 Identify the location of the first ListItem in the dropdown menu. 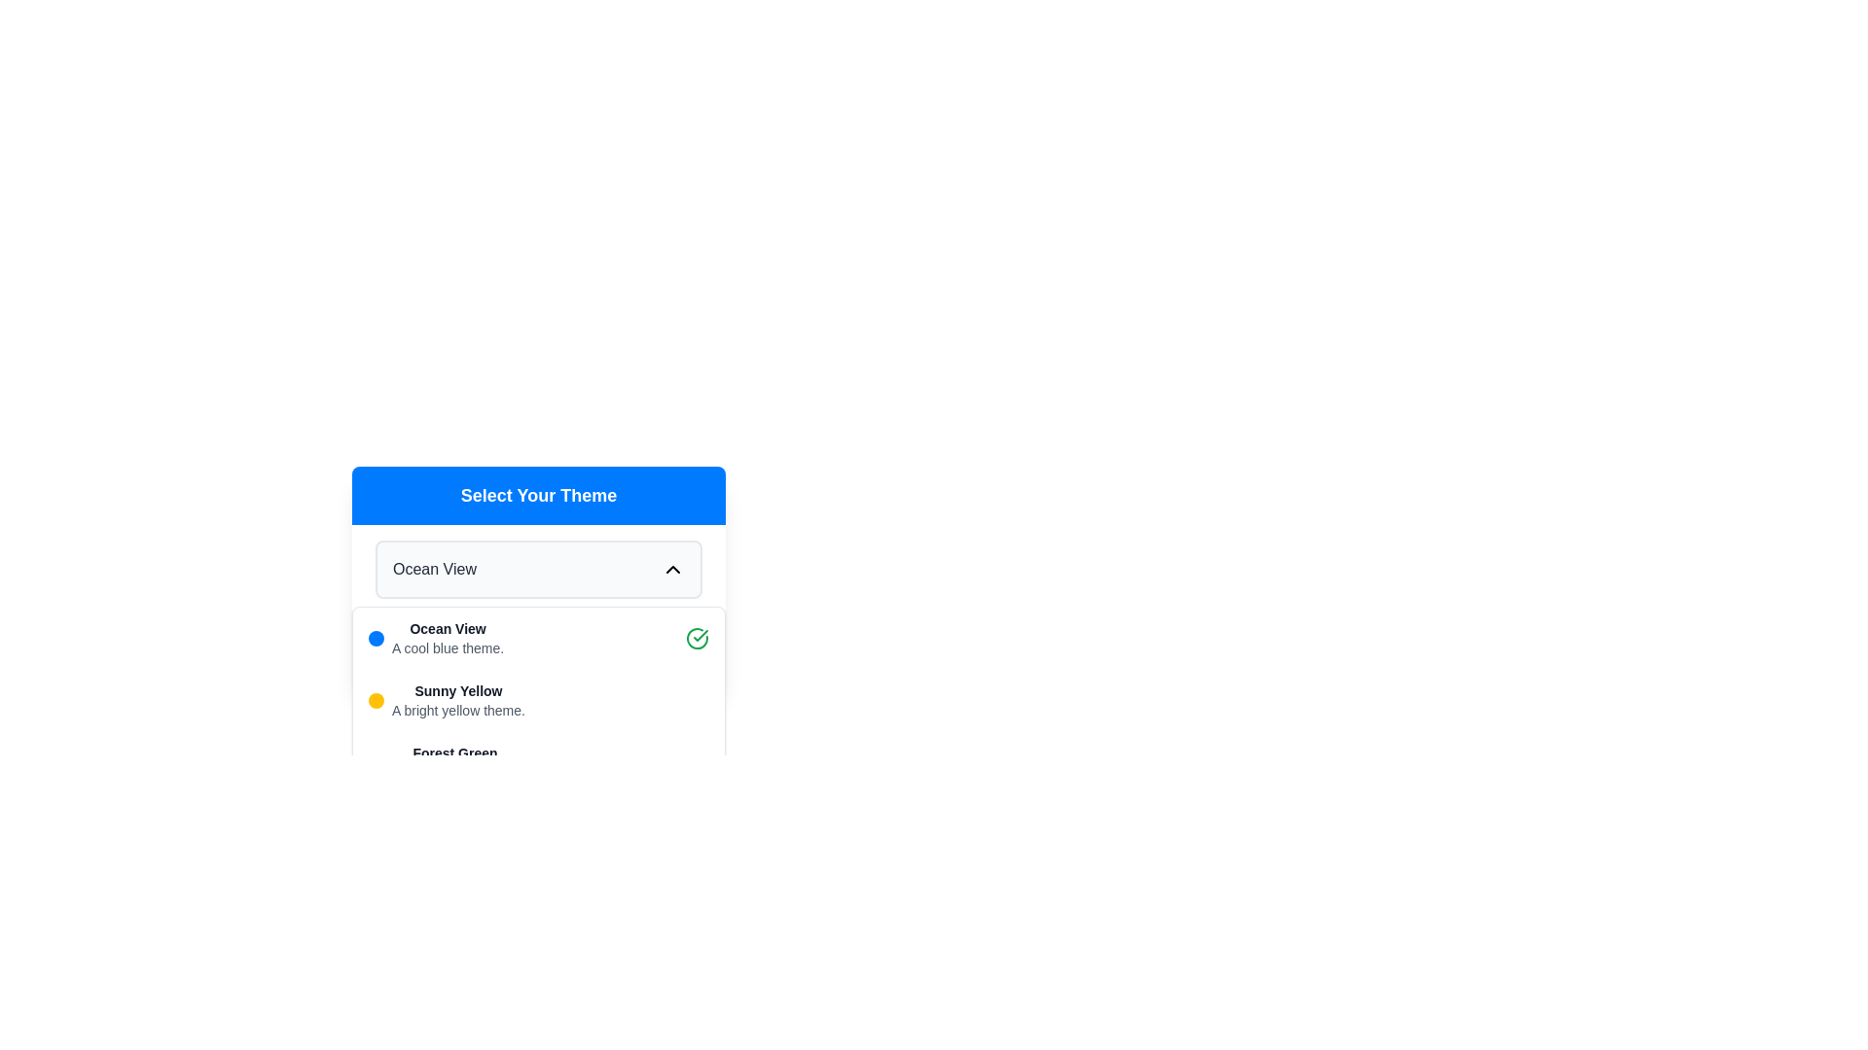
(538, 638).